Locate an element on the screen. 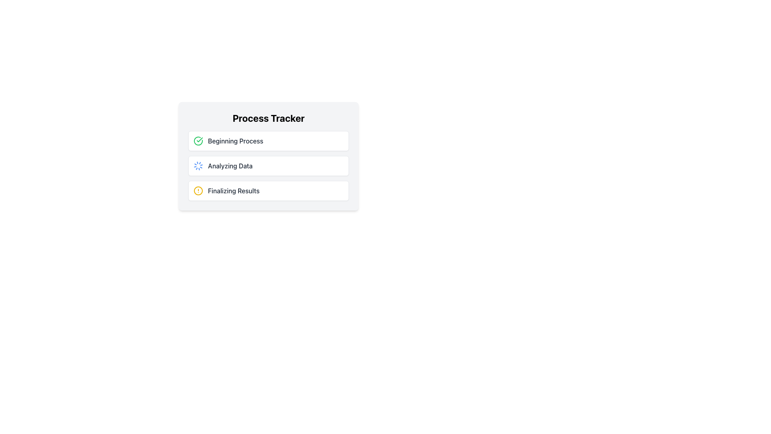 The height and width of the screenshot is (434, 771). the Status indicator displaying 'Finalizing Results' with a yellow alert icon, which is the third item in the 'Process Tracker' section is located at coordinates (226, 190).